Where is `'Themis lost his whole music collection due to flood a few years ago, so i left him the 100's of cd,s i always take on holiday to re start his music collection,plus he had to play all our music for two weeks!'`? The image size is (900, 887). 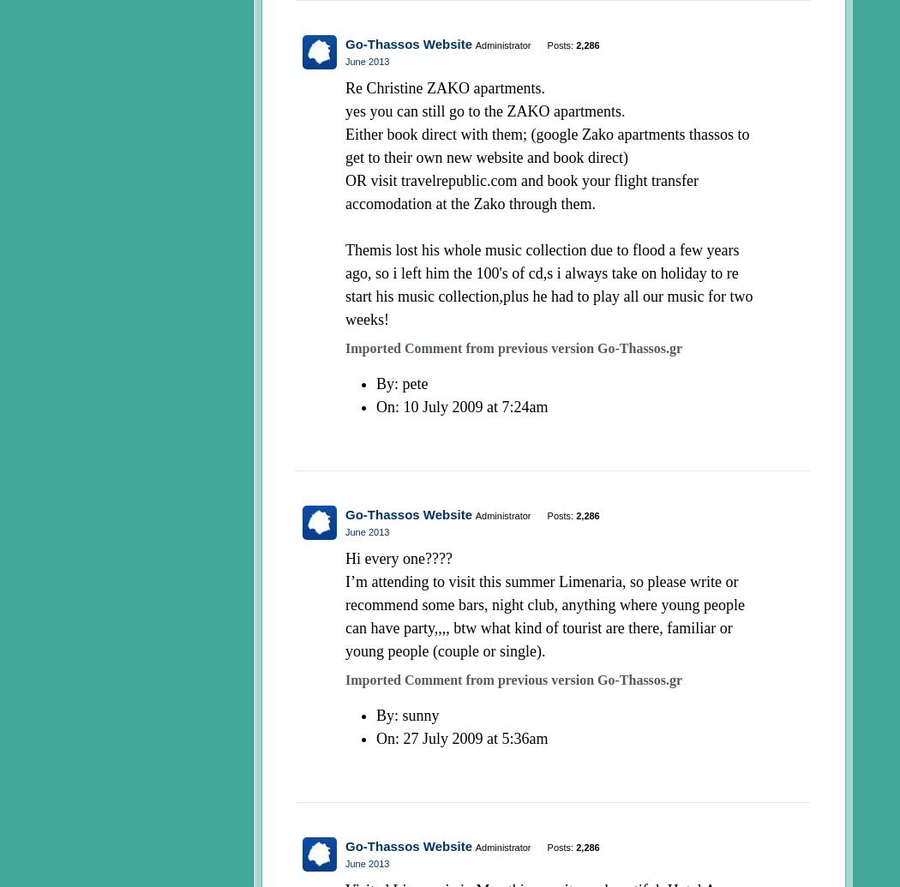 'Themis lost his whole music collection due to flood a few years ago, so i left him the 100's of cd,s i always take on holiday to re start his music collection,plus he had to play all our music for two weeks!' is located at coordinates (548, 284).